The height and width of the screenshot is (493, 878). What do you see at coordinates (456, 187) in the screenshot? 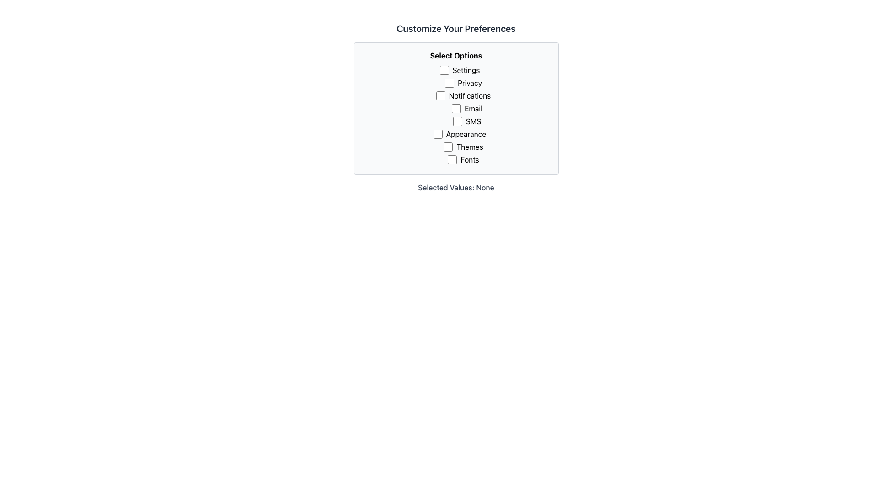
I see `the Text Display that indicates the currently selected options, which currently shows 'None'` at bounding box center [456, 187].